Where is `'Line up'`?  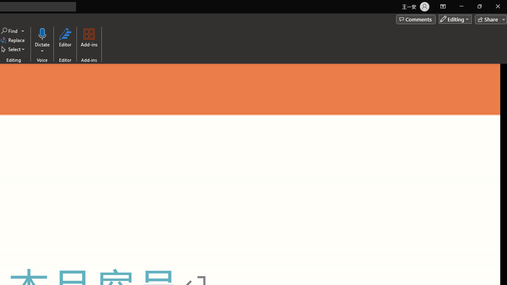 'Line up' is located at coordinates (503, 66).